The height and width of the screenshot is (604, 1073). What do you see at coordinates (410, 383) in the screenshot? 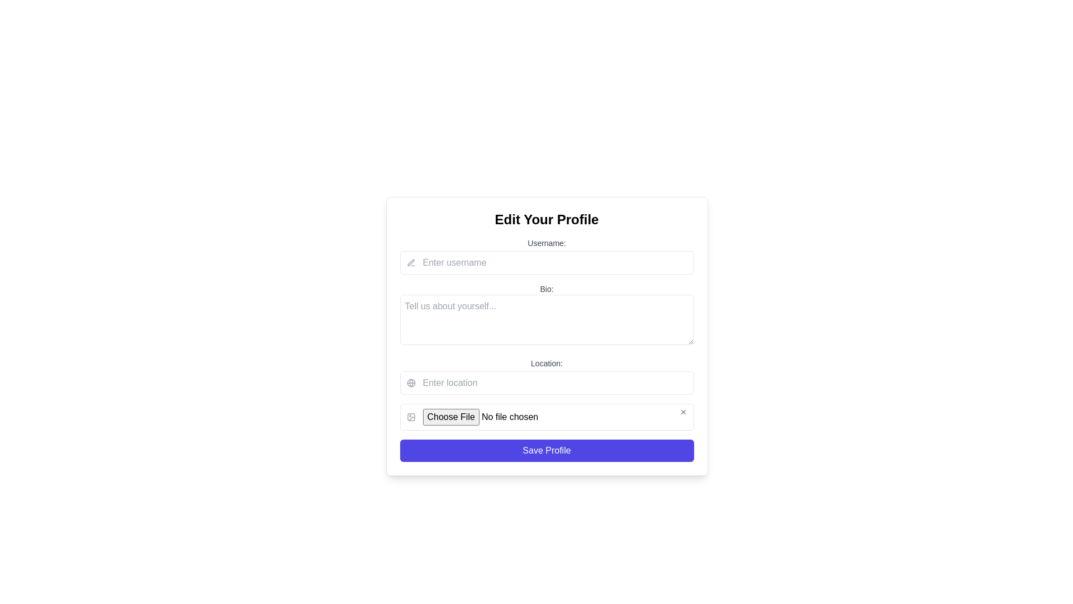
I see `the decorative graphic that represents the latitude lines on the globe icon, located to the left of the 'Enter location' text input field` at bounding box center [410, 383].